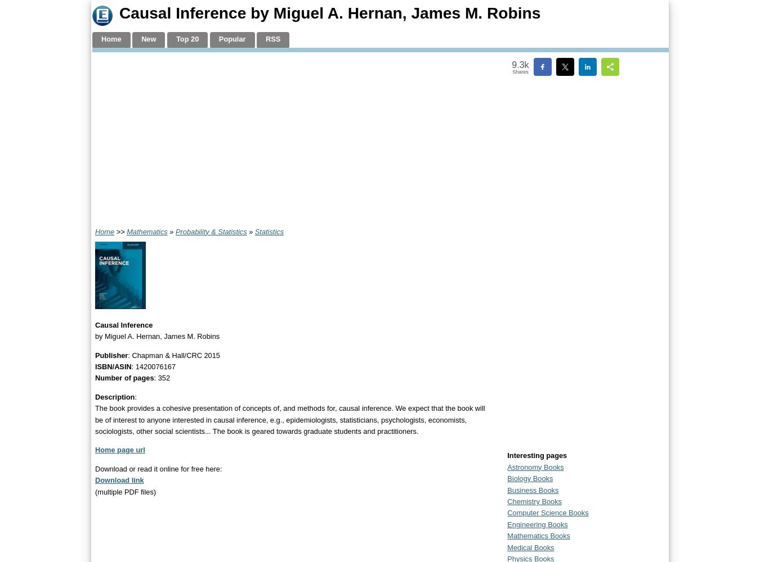 This screenshot has height=562, width=760. Describe the element at coordinates (537, 455) in the screenshot. I see `'Interesting pages'` at that location.